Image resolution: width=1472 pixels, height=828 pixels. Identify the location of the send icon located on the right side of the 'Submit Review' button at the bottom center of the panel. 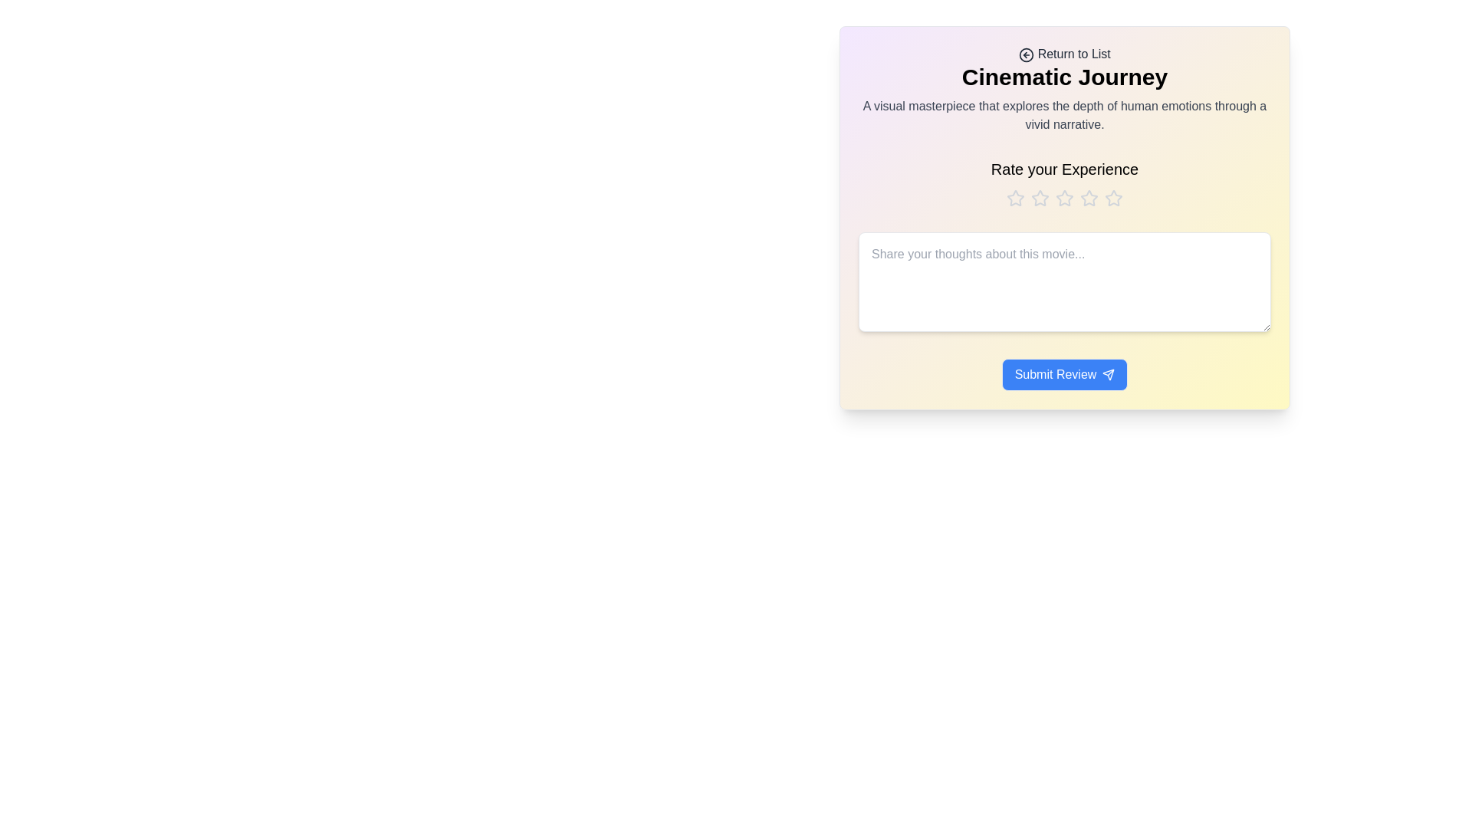
(1109, 375).